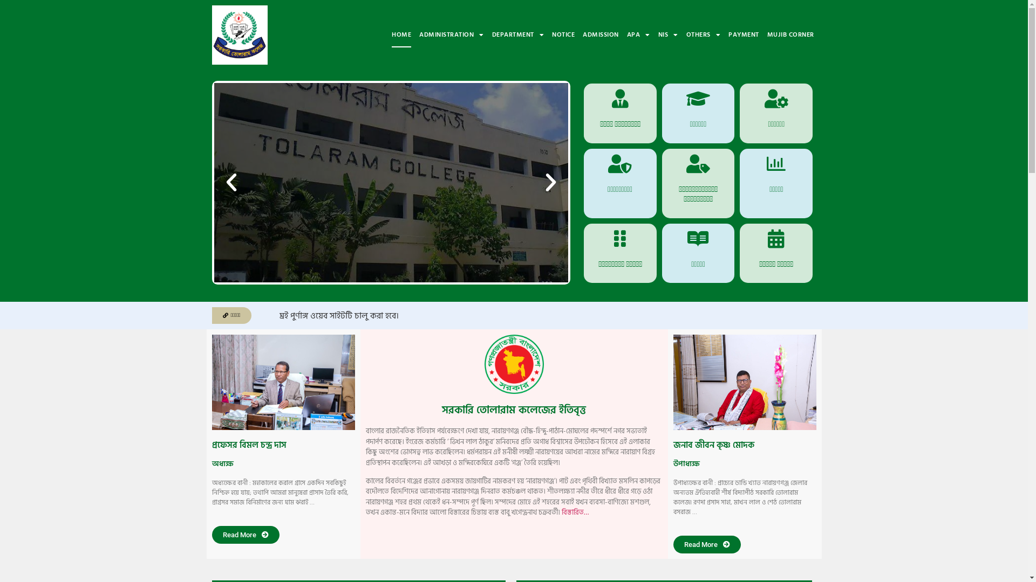  Describe the element at coordinates (401, 34) in the screenshot. I see `'HOME'` at that location.